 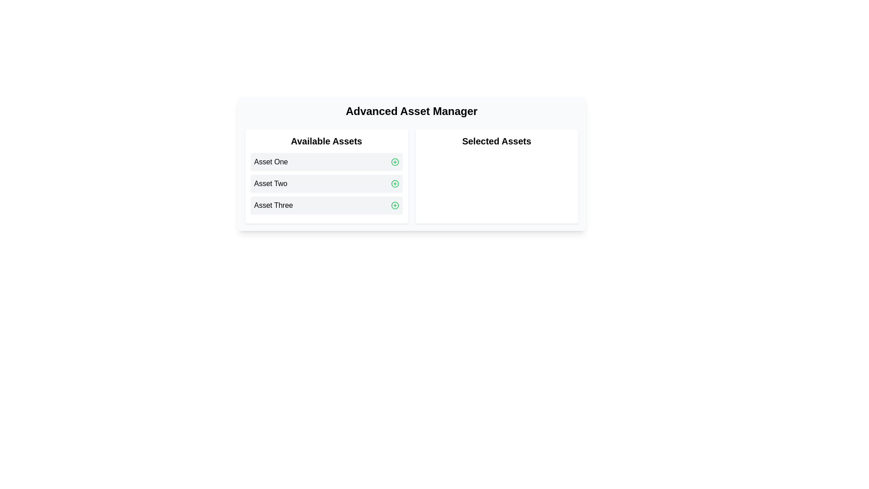 What do you see at coordinates (326, 162) in the screenshot?
I see `the first selectable list item representing an available asset option in the 'Available Assets' section for more context` at bounding box center [326, 162].